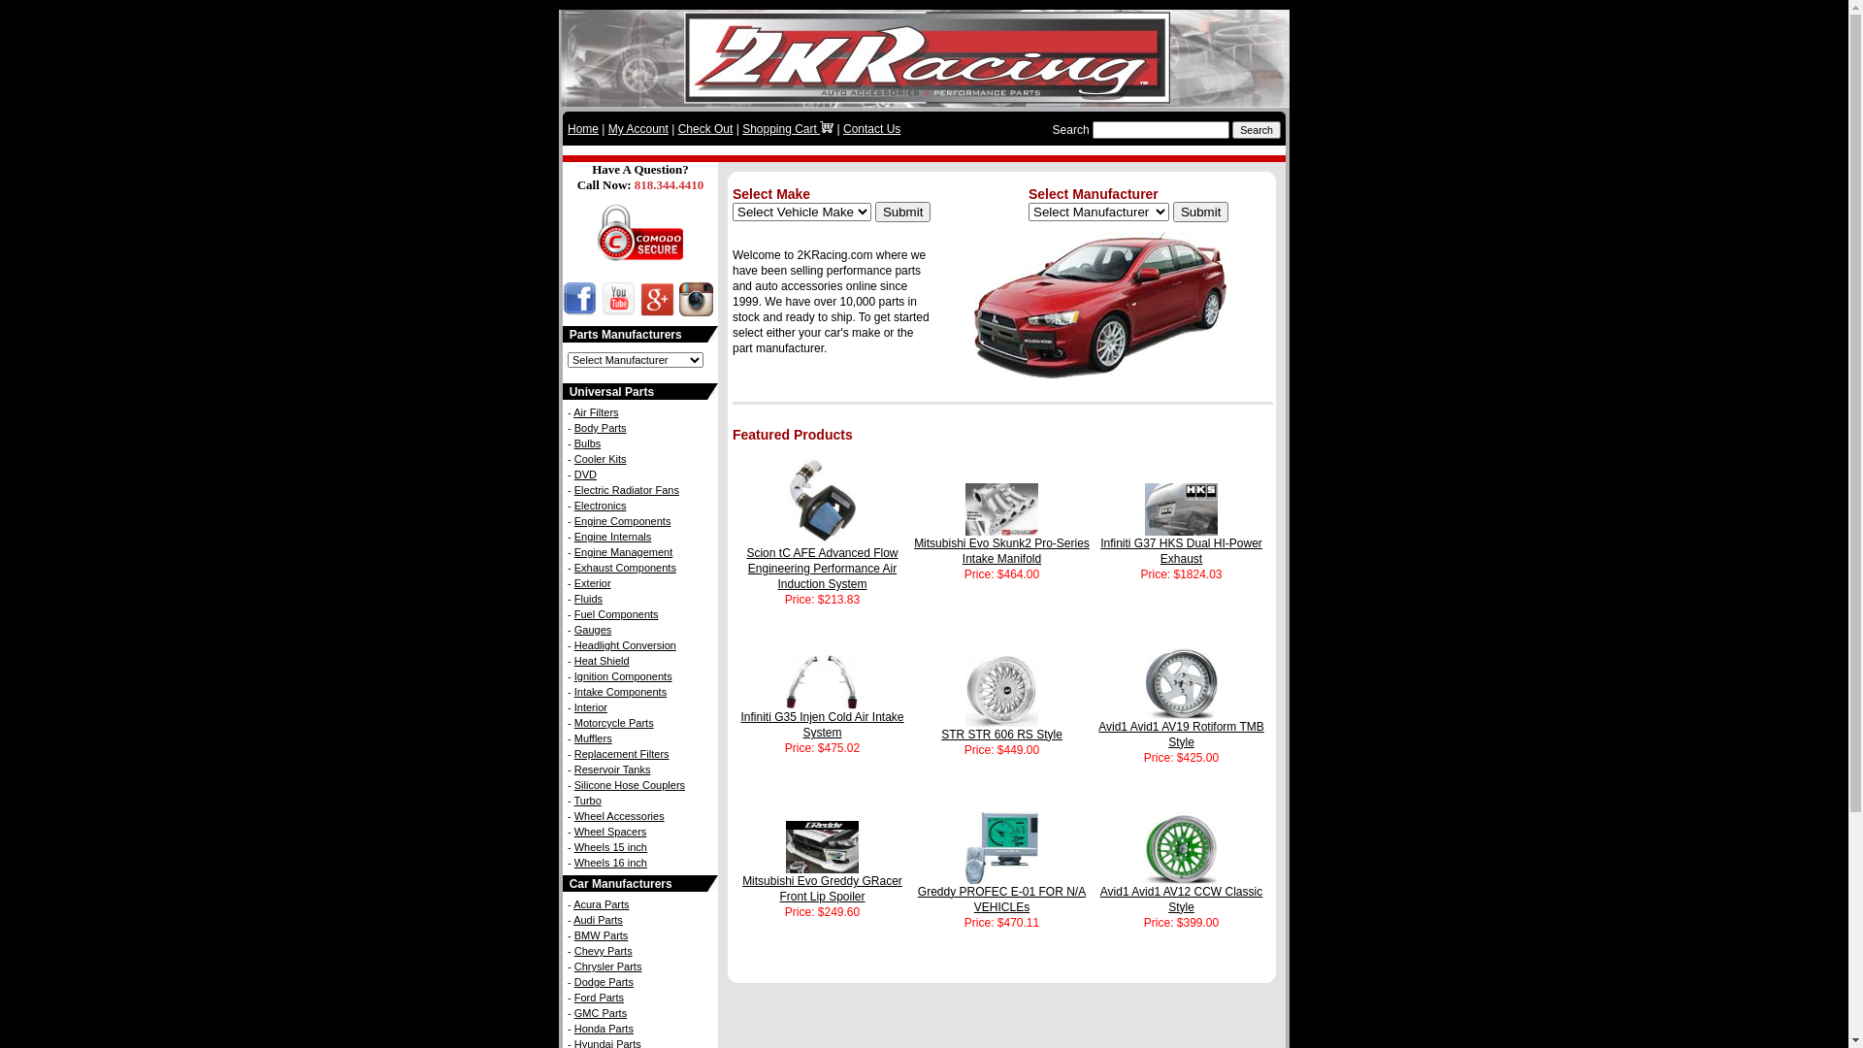  I want to click on 'Mitsubishi Evo Greddy GRacer Front Lip Spoiler', so click(822, 883).